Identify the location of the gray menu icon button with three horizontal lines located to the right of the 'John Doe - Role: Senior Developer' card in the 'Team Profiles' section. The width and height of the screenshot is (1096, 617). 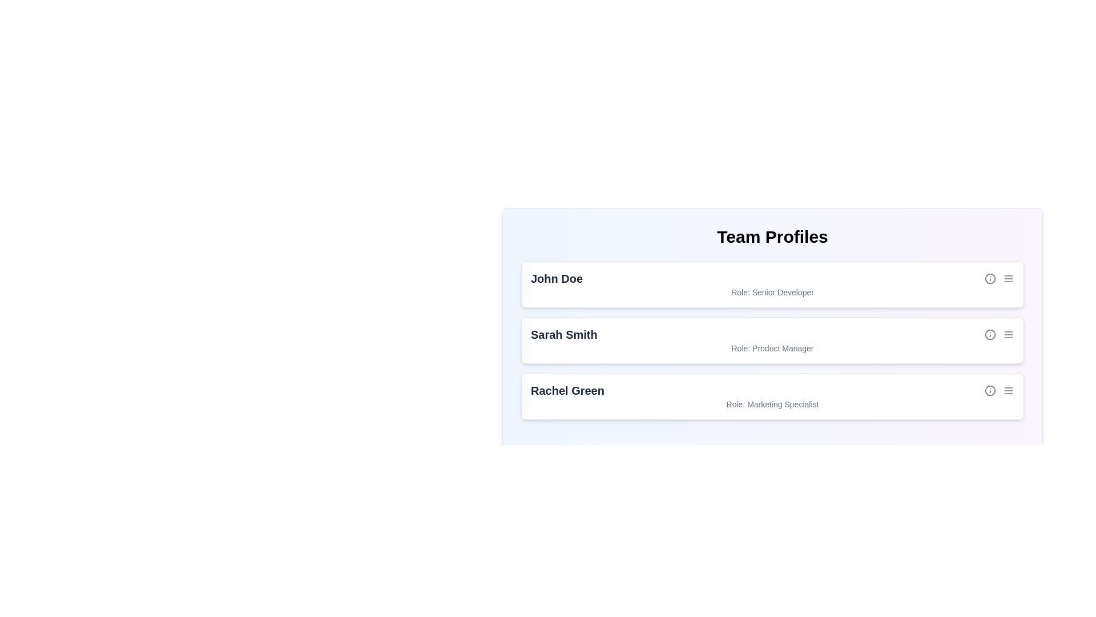
(1008, 279).